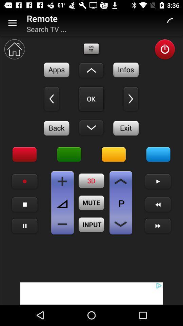 Image resolution: width=183 pixels, height=326 pixels. I want to click on stop playback, so click(24, 204).